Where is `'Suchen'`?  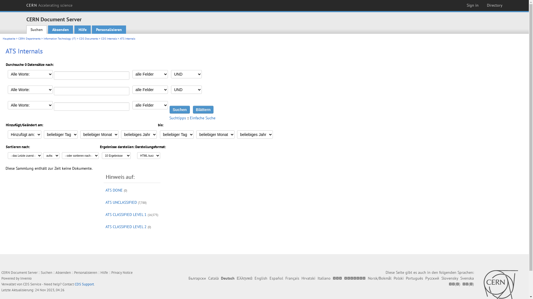 'Suchen' is located at coordinates (36, 30).